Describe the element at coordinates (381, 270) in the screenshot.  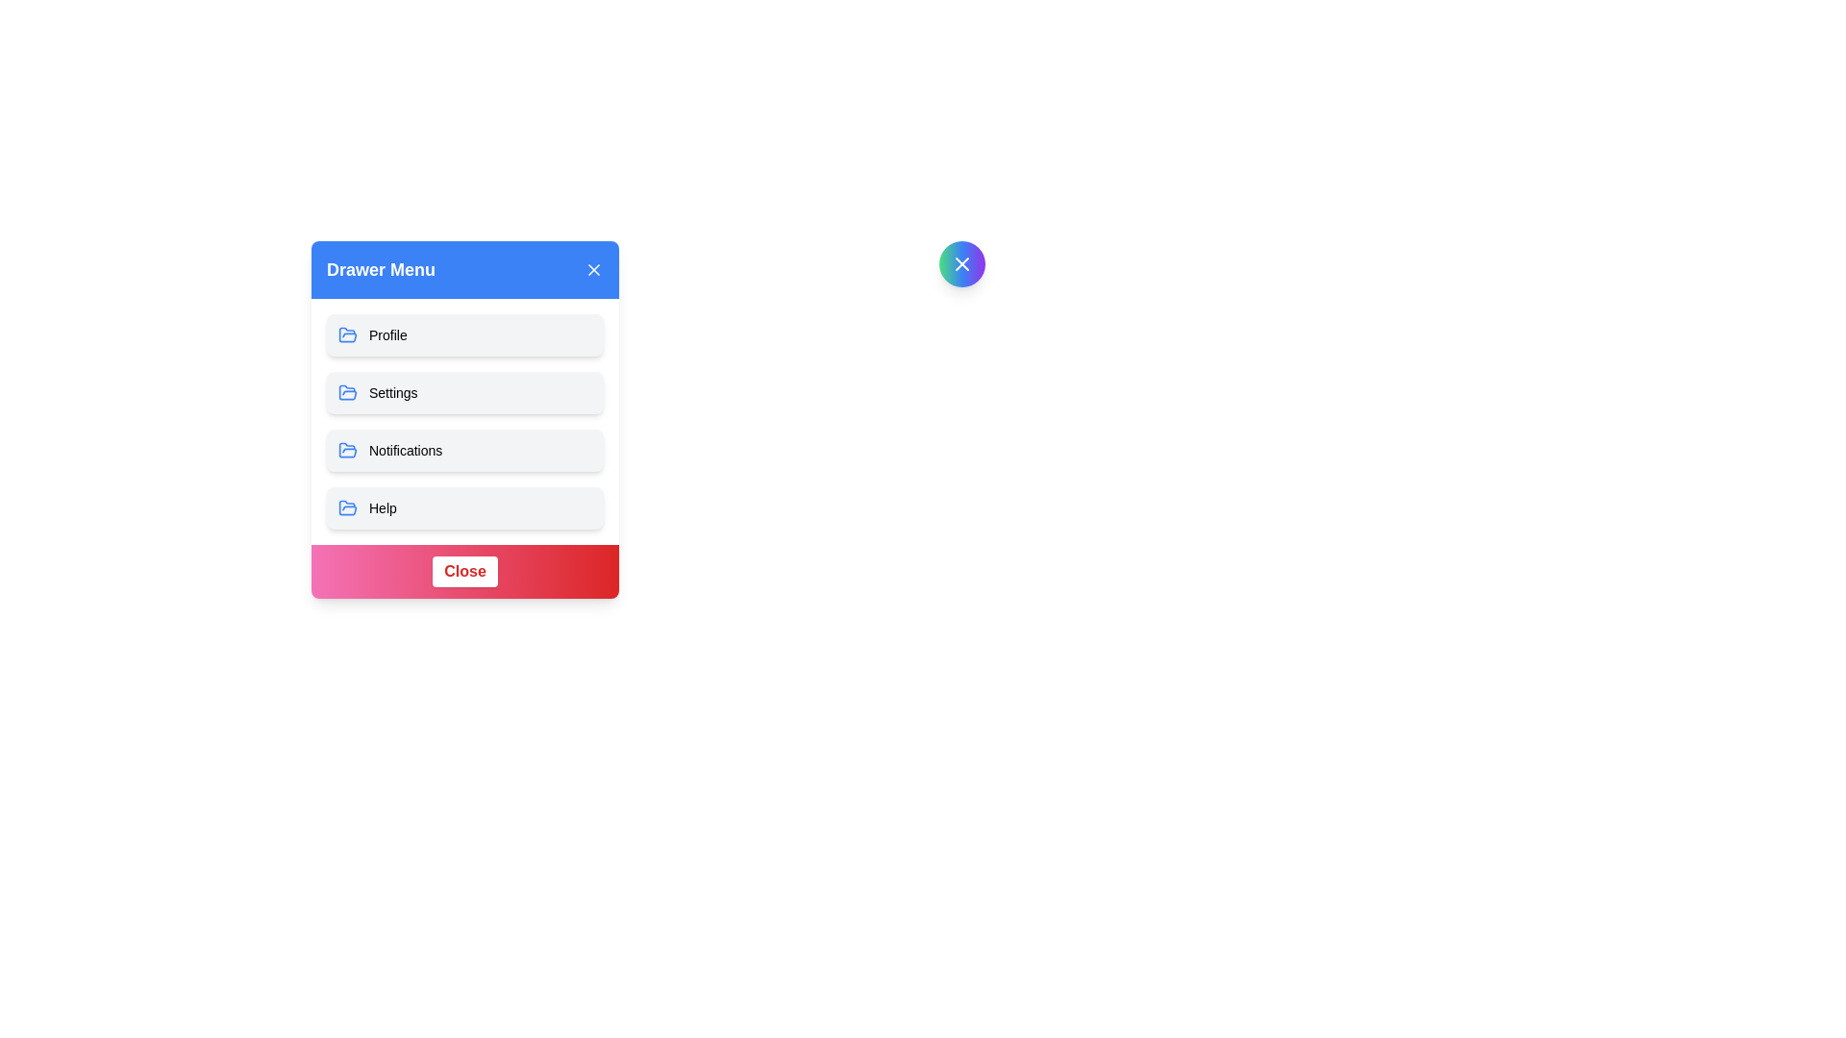
I see `the 'Drawer Menu' text label, which is displayed in bold, large white font on a blue background, located at the top left of the blue header section` at that location.